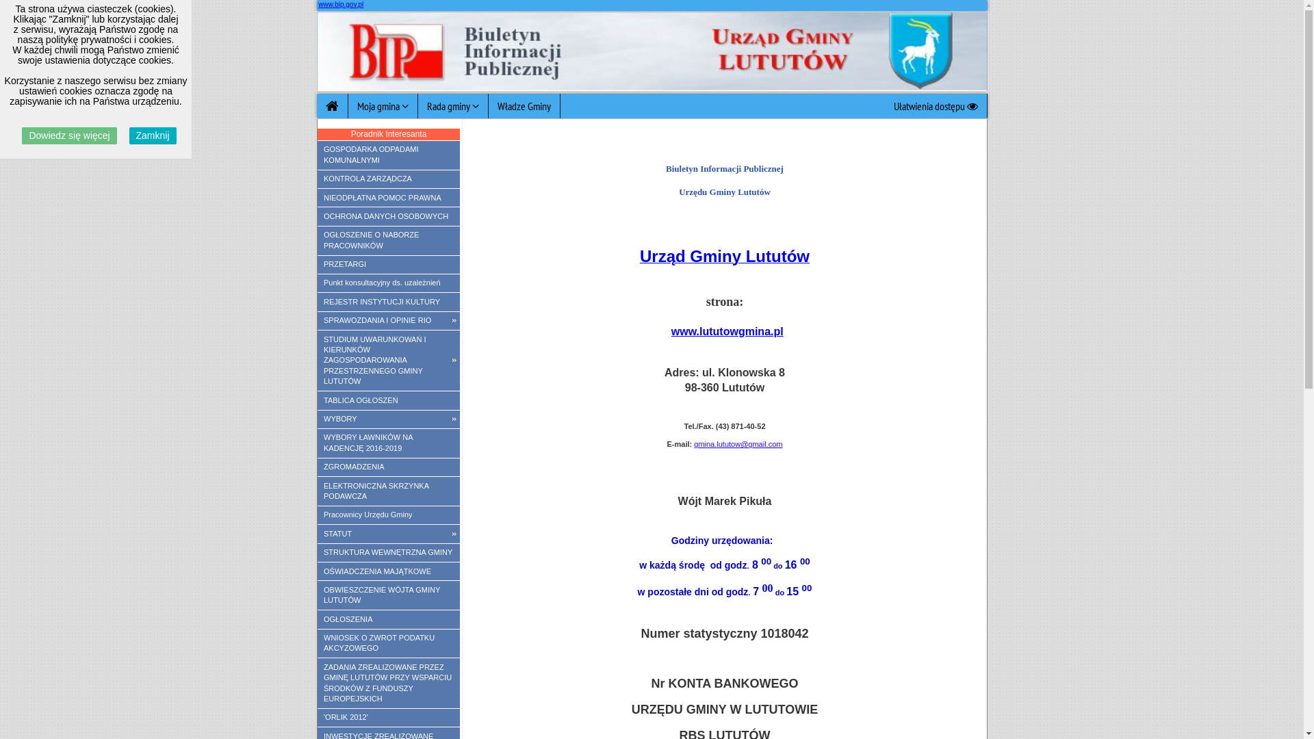  I want to click on 'STATUT', so click(387, 532).